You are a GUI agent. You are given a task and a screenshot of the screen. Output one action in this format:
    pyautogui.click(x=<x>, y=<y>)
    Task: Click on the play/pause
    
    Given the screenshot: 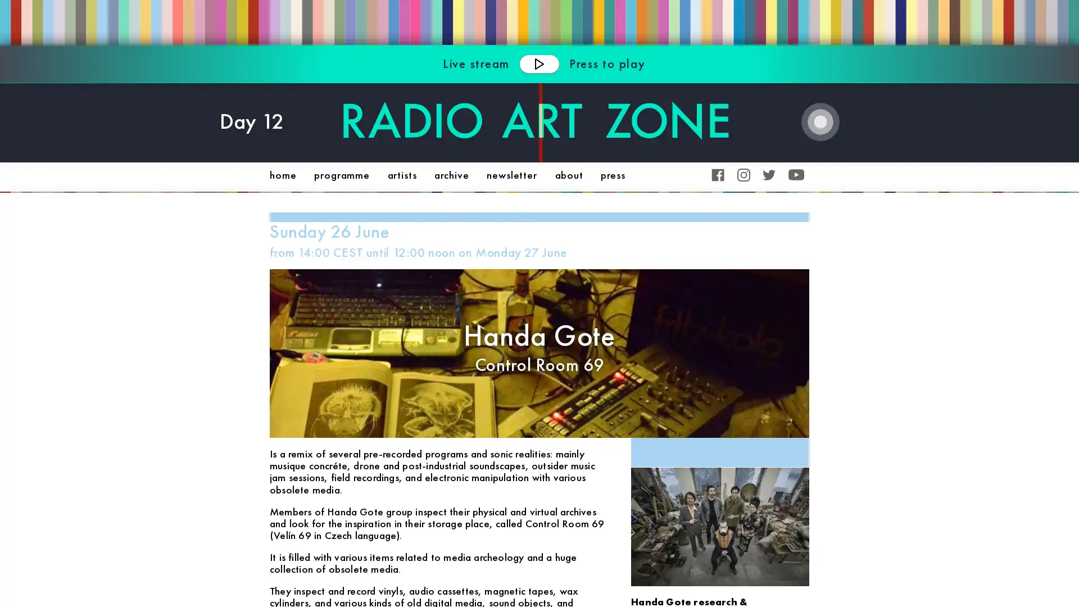 What is the action you would take?
    pyautogui.click(x=538, y=63)
    